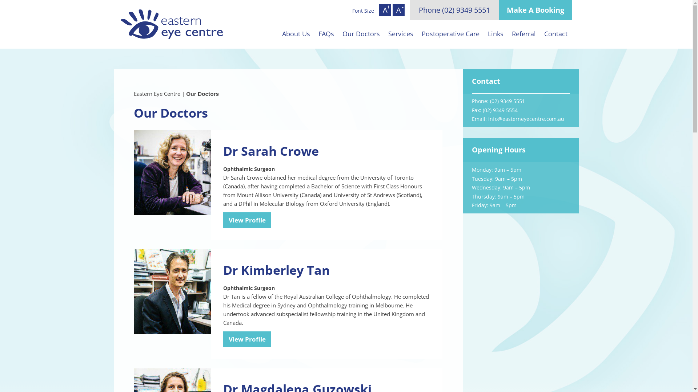 The image size is (698, 392). What do you see at coordinates (450, 33) in the screenshot?
I see `'Postoperative Care'` at bounding box center [450, 33].